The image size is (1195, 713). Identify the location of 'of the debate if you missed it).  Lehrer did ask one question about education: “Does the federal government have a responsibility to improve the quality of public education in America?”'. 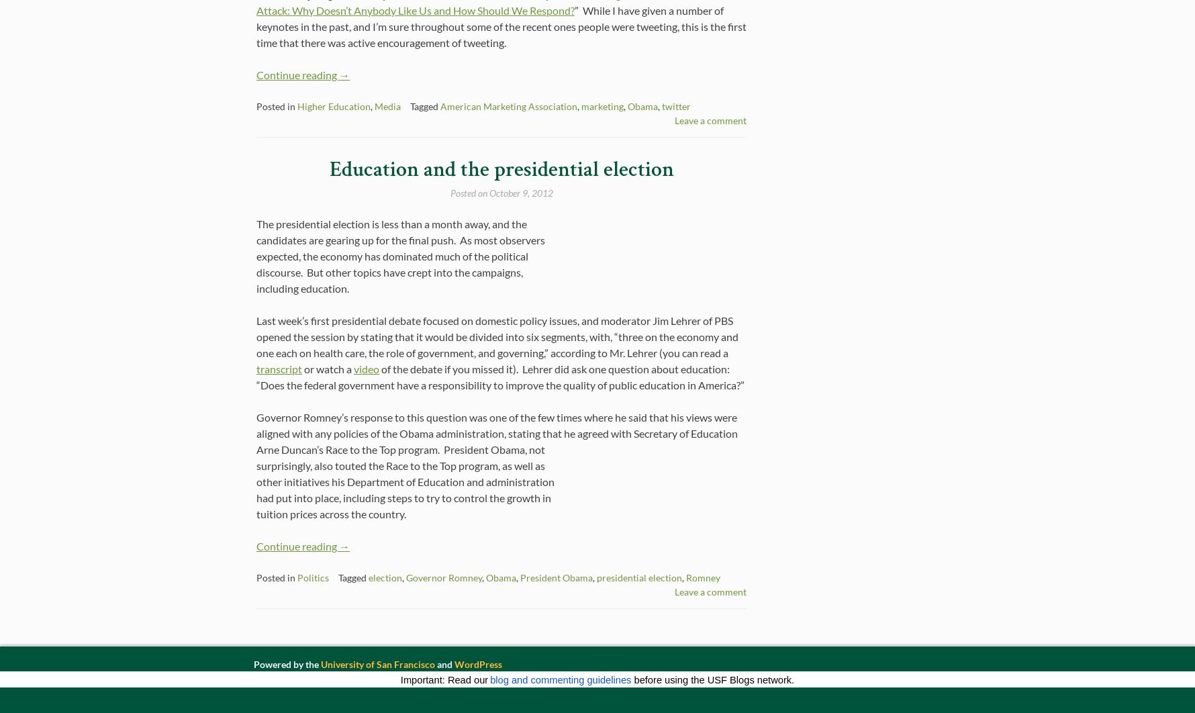
(500, 377).